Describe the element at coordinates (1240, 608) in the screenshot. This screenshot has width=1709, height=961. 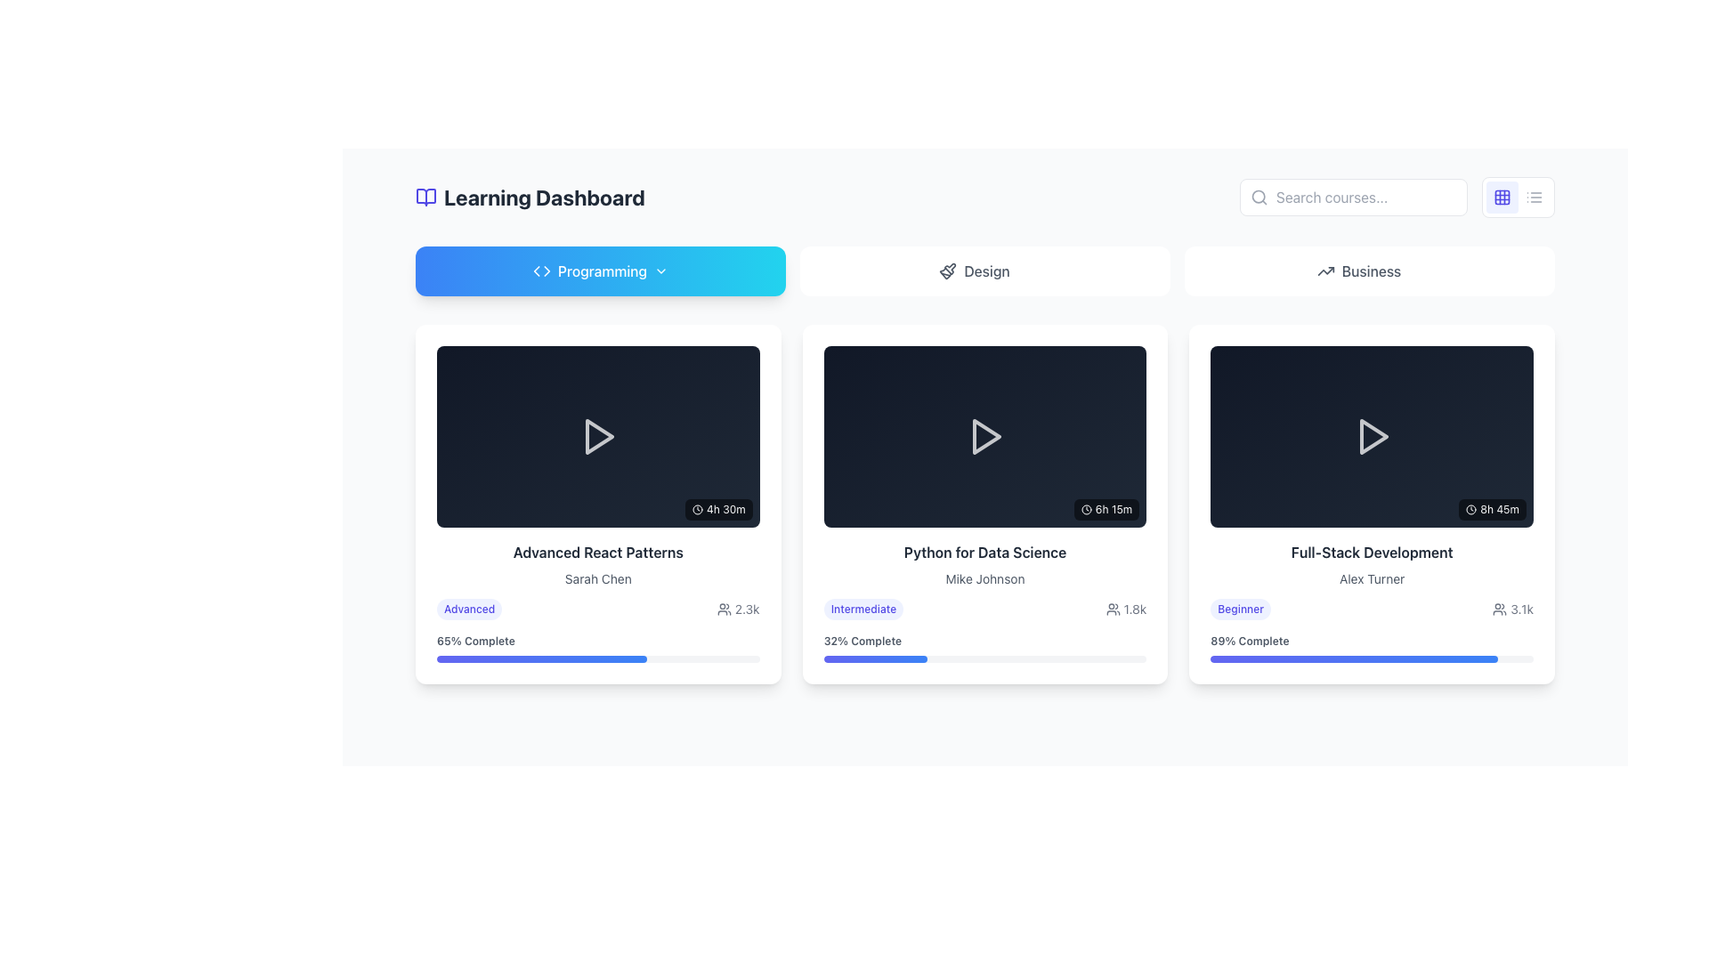
I see `the proficiency level or target audience label located at the bottom-left side of the 'Full-Stack Development' course card, above the progress bar` at that location.